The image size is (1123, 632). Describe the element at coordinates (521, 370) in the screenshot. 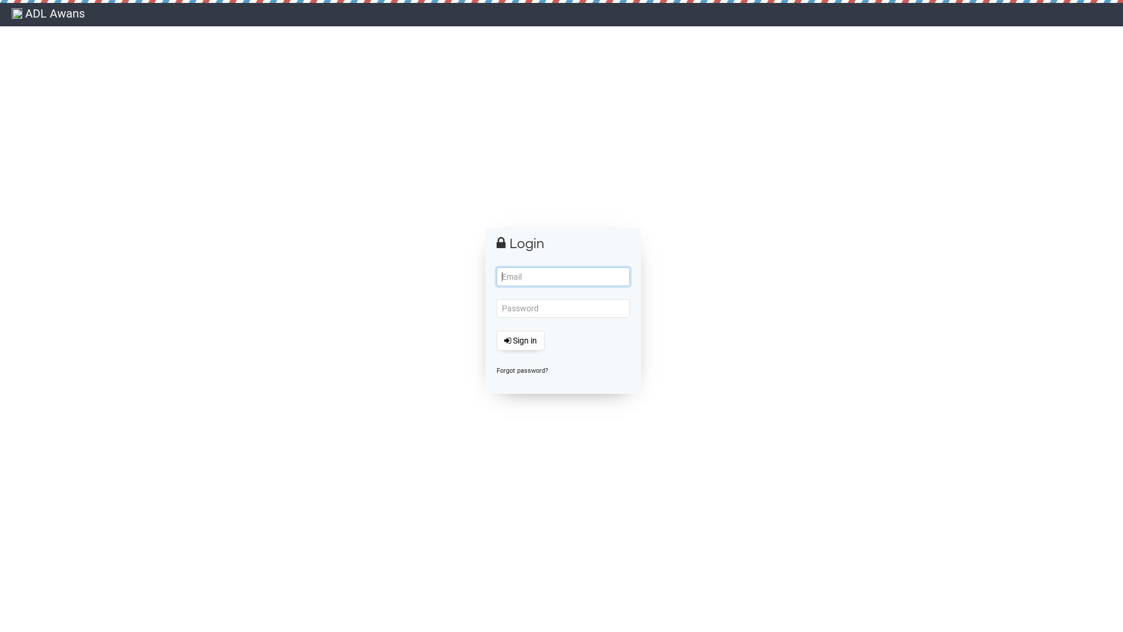

I see `'Forgot password?'` at that location.